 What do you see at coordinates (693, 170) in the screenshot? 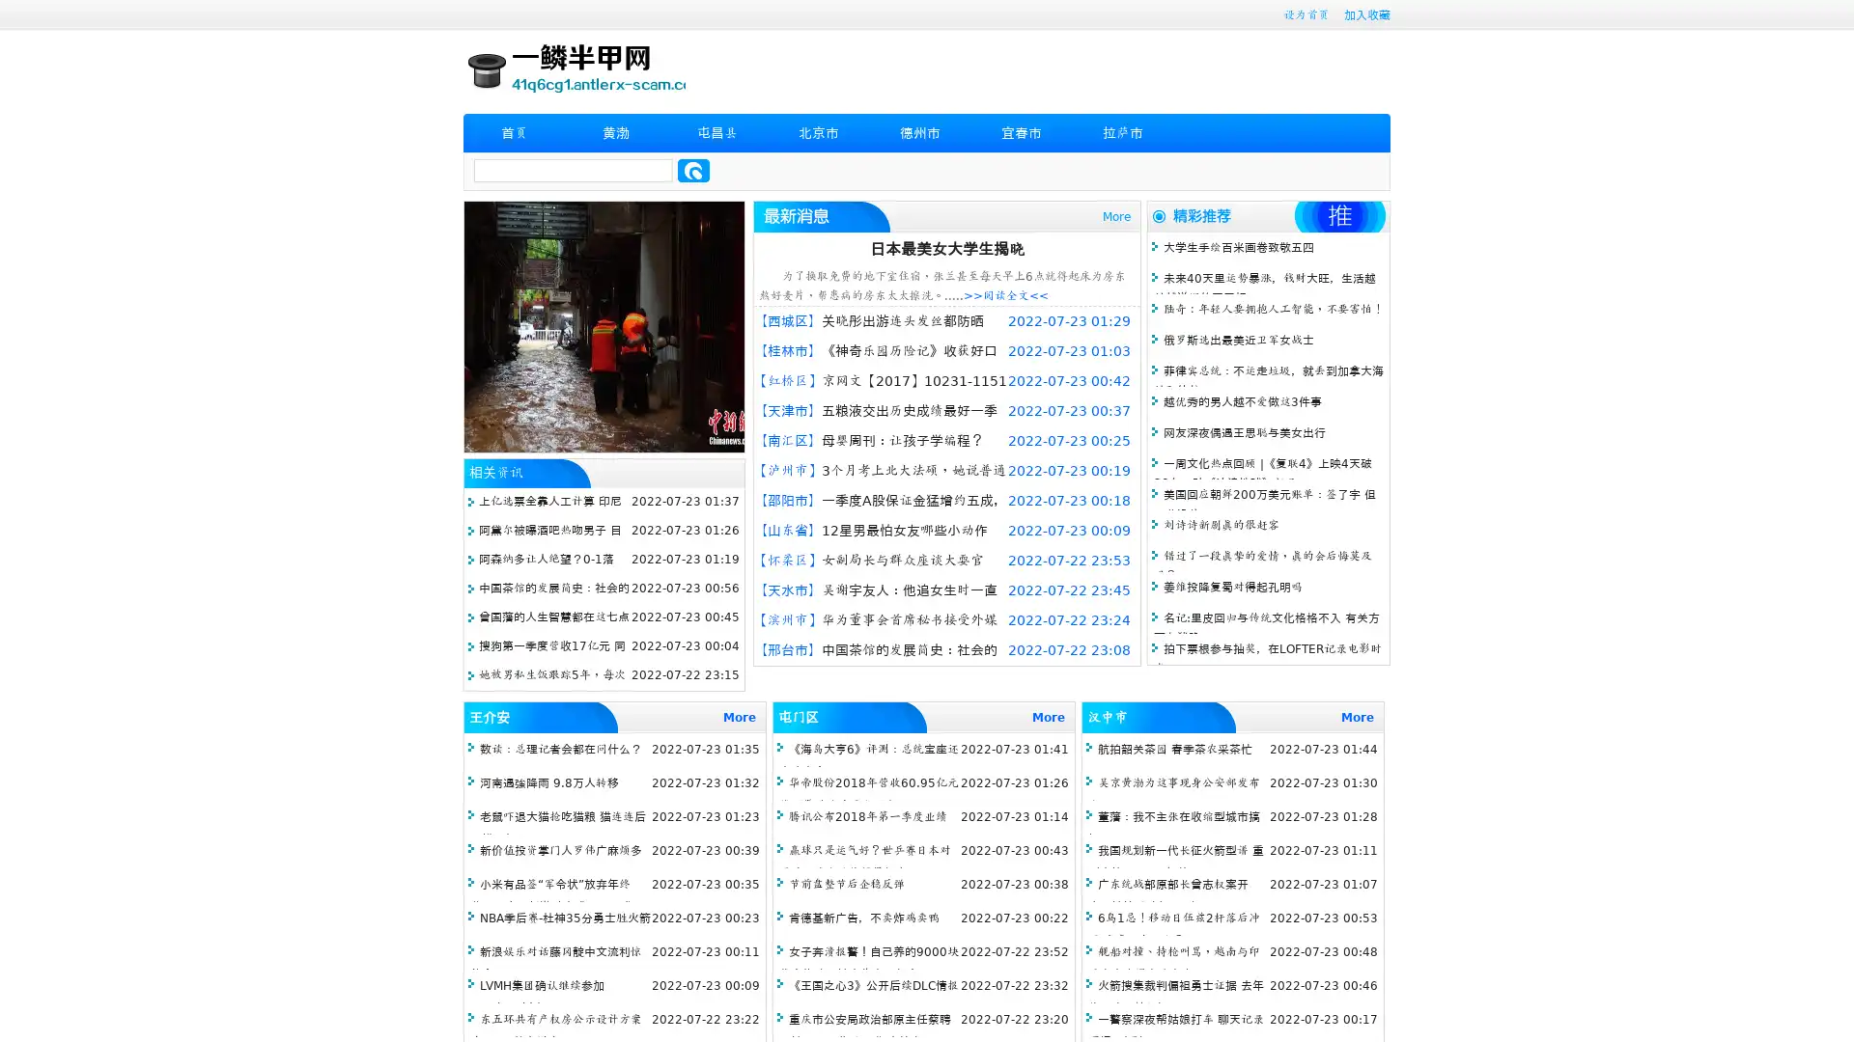
I see `Search` at bounding box center [693, 170].